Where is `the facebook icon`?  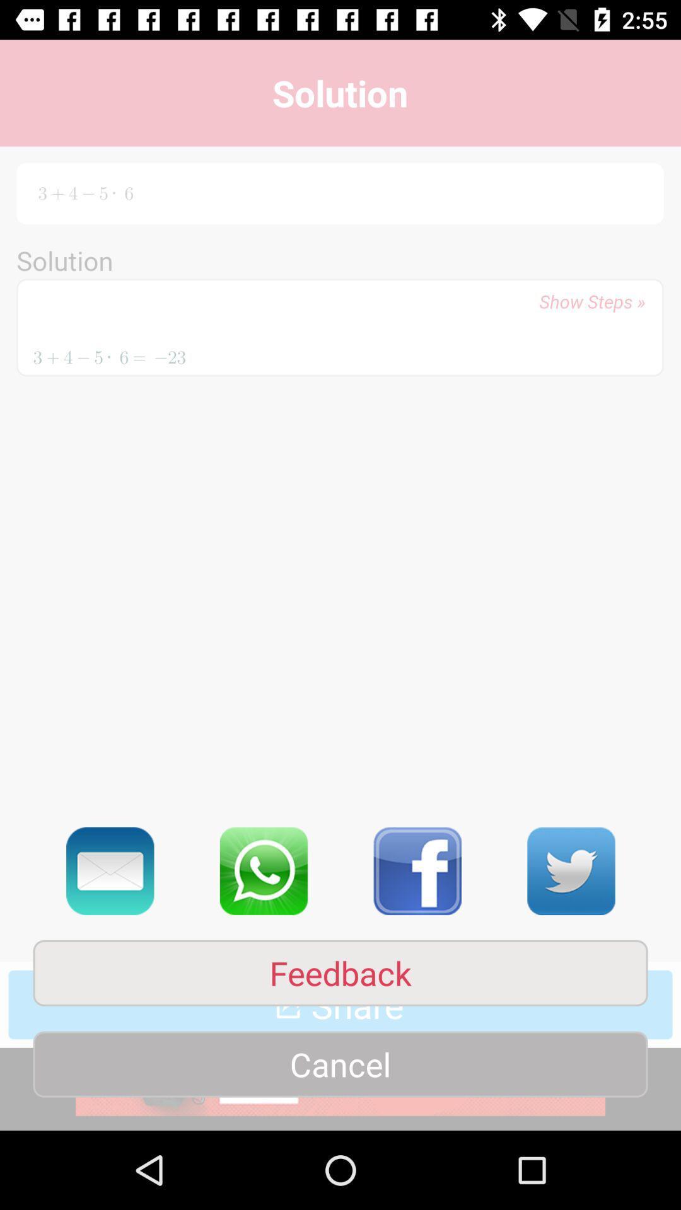
the facebook icon is located at coordinates (417, 870).